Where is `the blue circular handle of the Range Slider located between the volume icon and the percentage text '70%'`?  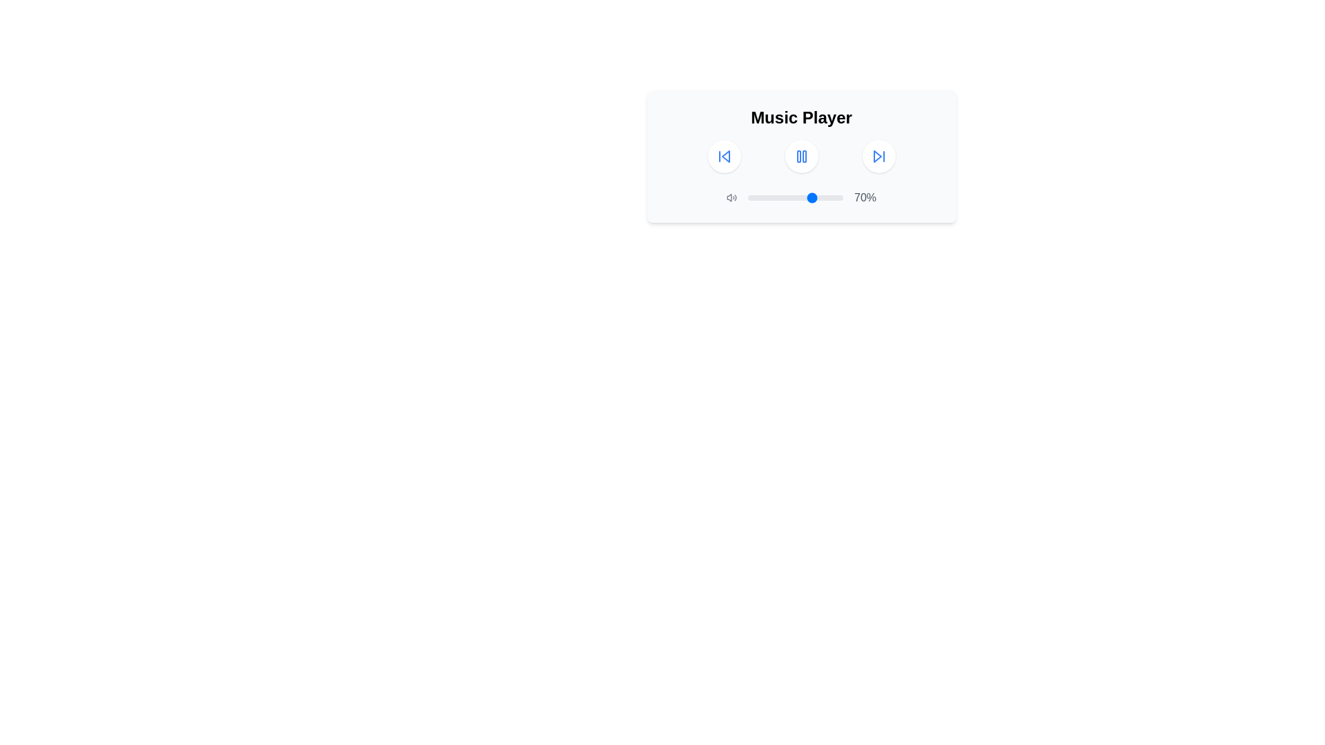
the blue circular handle of the Range Slider located between the volume icon and the percentage text '70%' is located at coordinates (796, 197).